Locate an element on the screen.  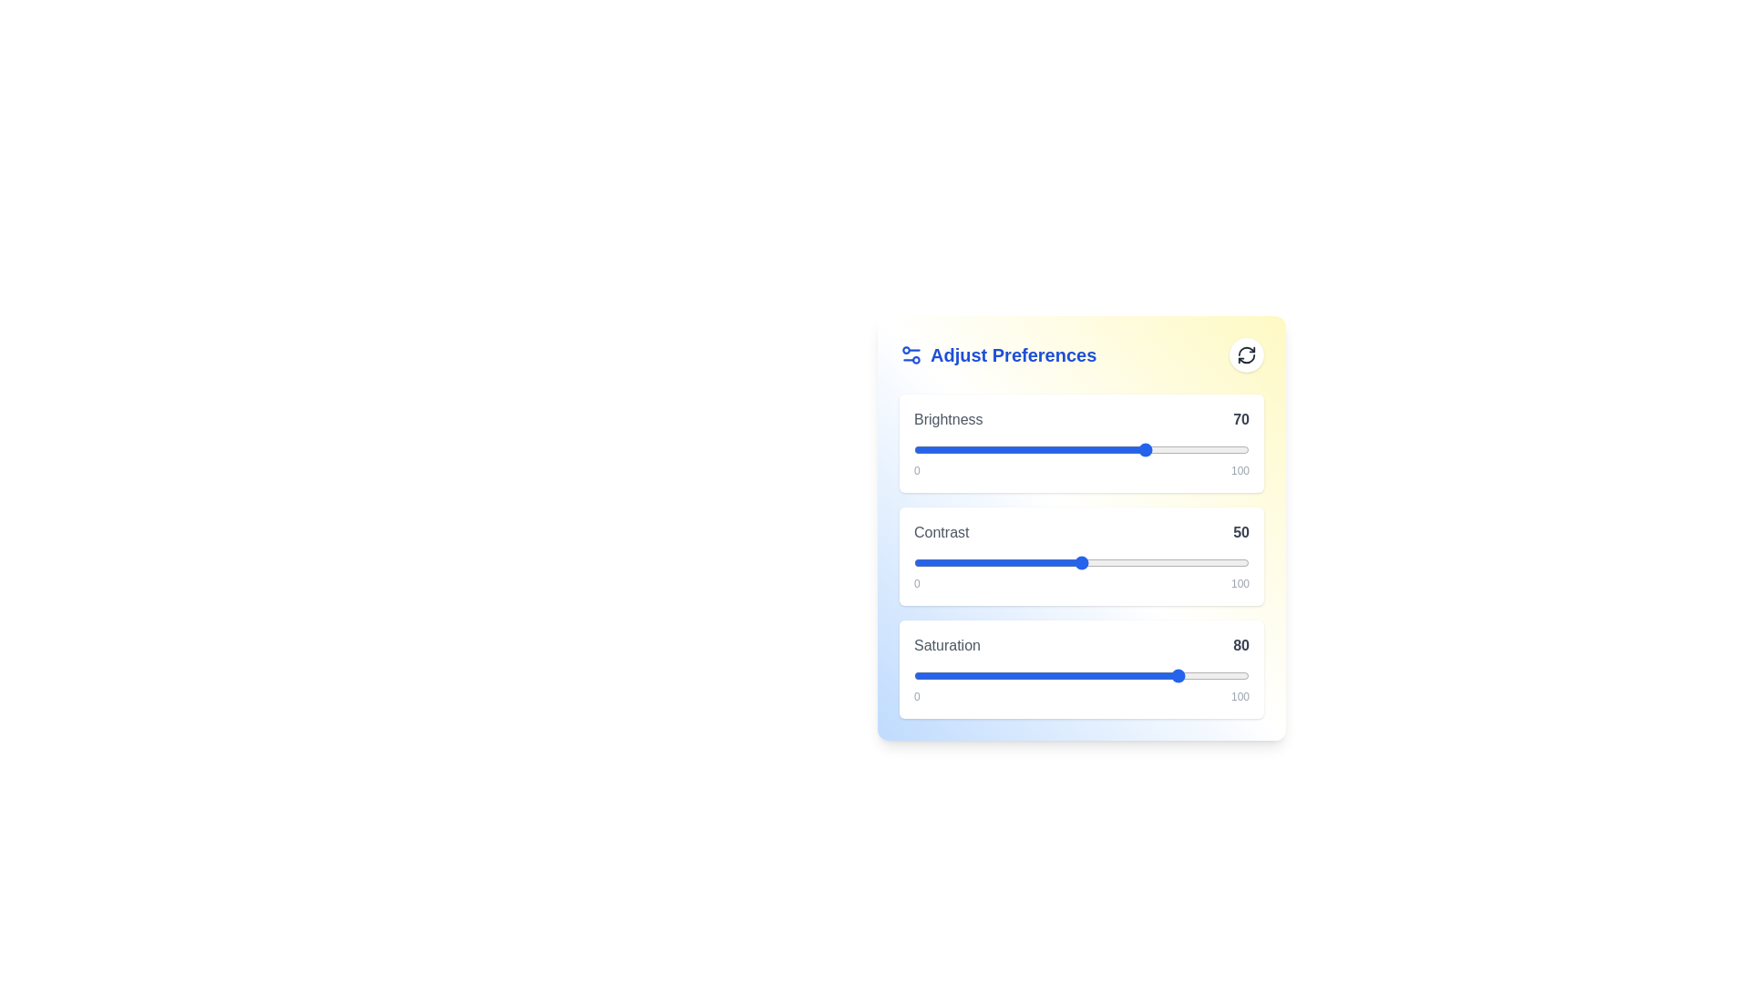
the Text label displaying a numerical range, which shows '0' on the left and '100' on the right, located at the bottom of the 'Contrast' slider group is located at coordinates (1081, 583).